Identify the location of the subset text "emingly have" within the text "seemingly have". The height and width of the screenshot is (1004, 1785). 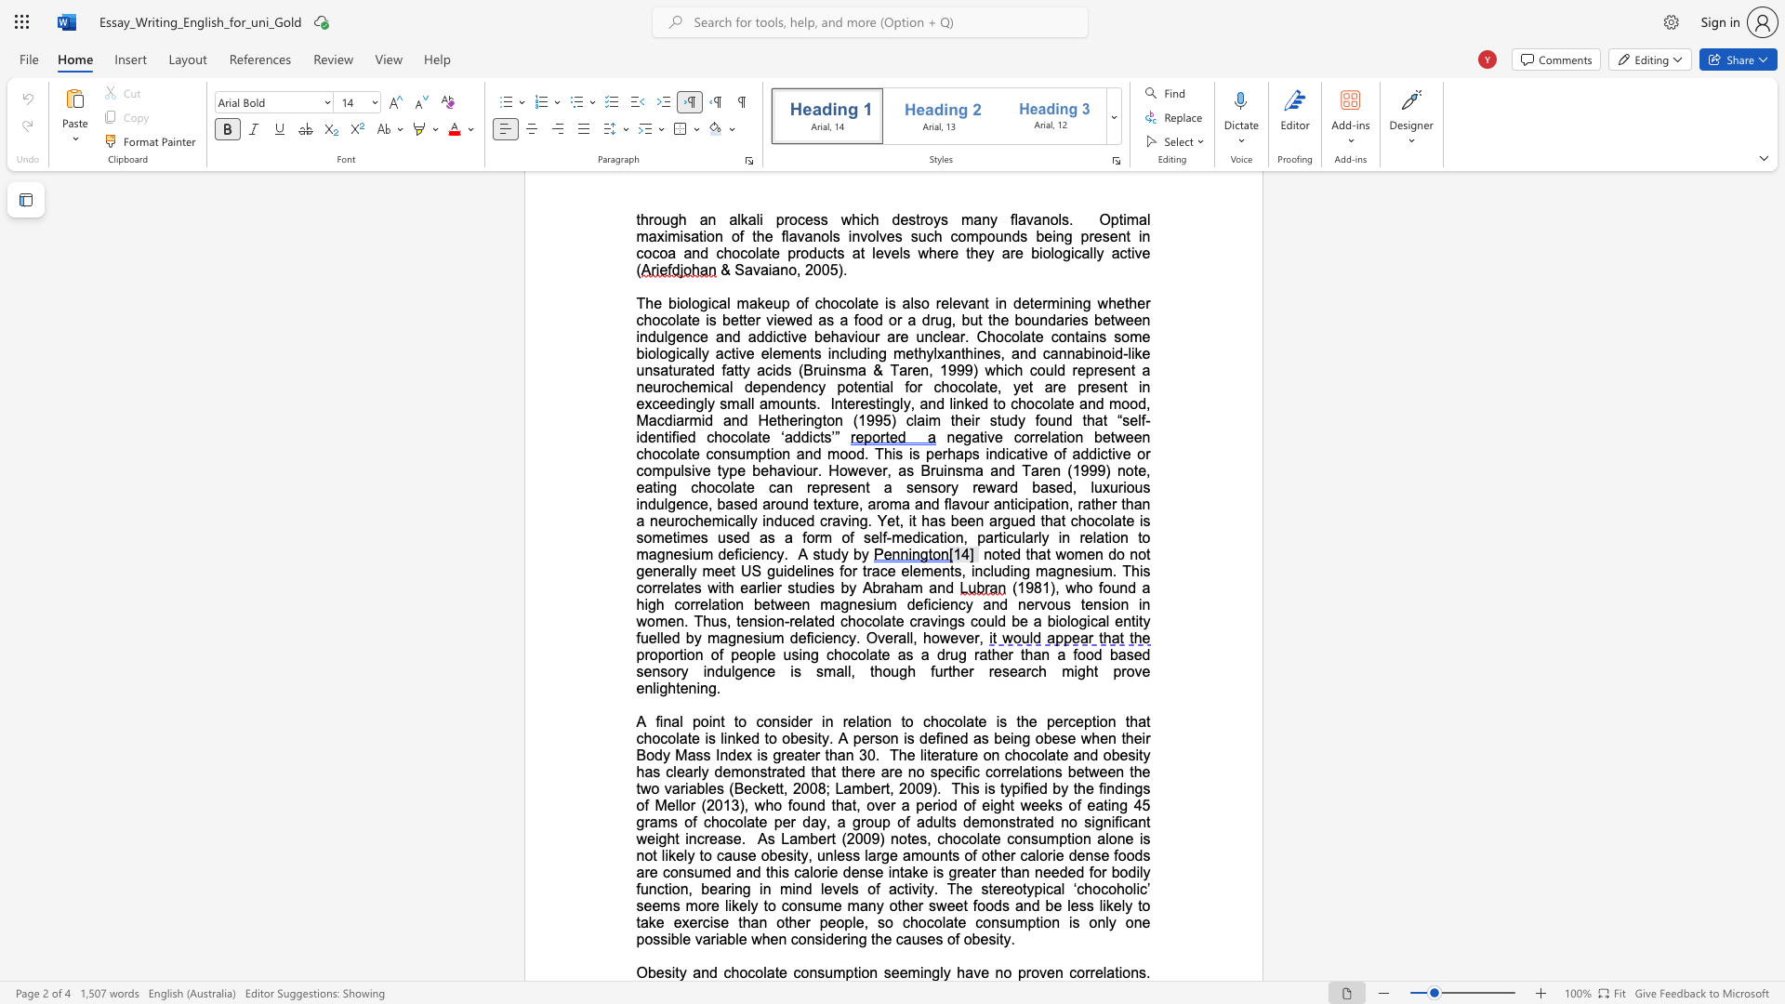
(899, 971).